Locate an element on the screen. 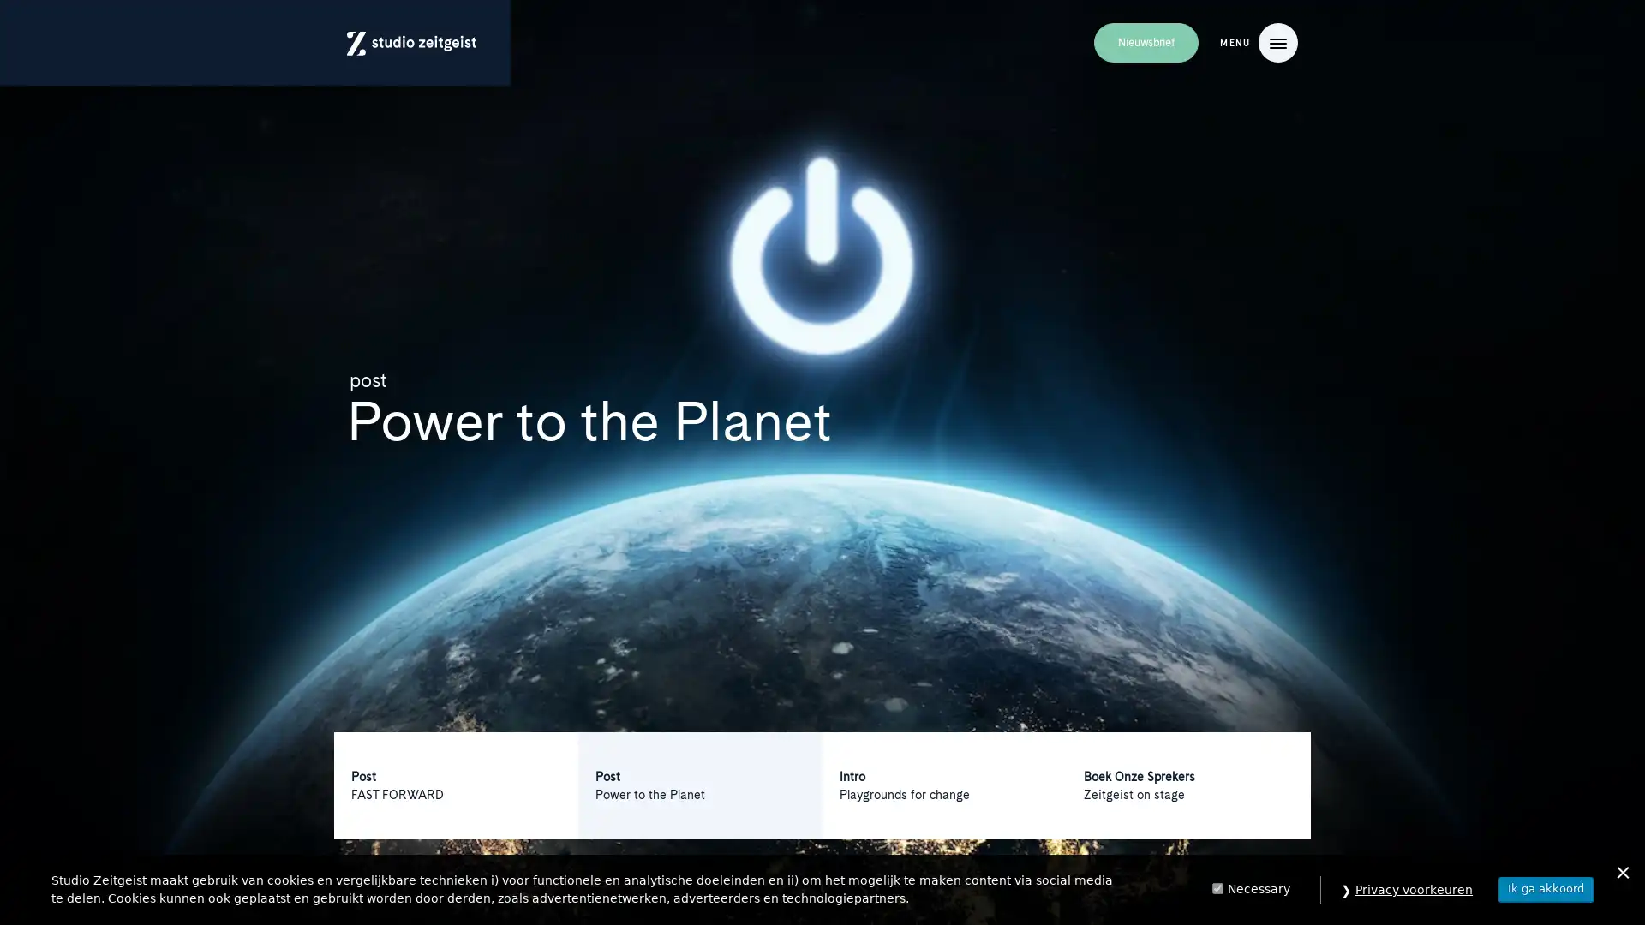 This screenshot has height=925, width=1645. Privacy voorkeuren is located at coordinates (1414, 888).